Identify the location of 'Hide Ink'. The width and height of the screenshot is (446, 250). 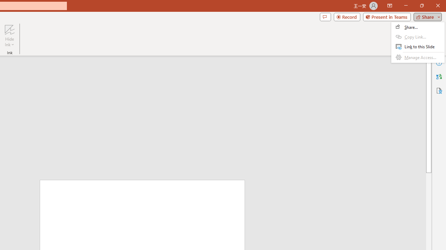
(9, 36).